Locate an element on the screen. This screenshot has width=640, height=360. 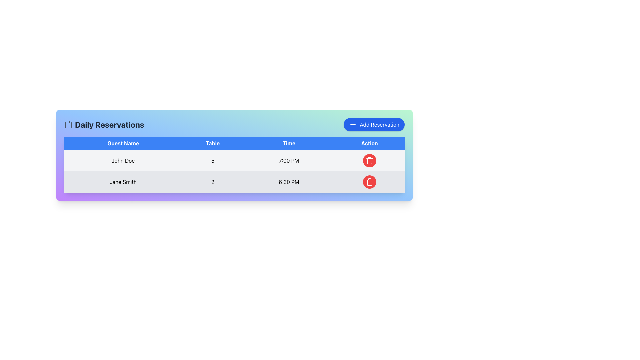
the red trash bin icon button in the last row of the 'Action' column is located at coordinates (369, 161).